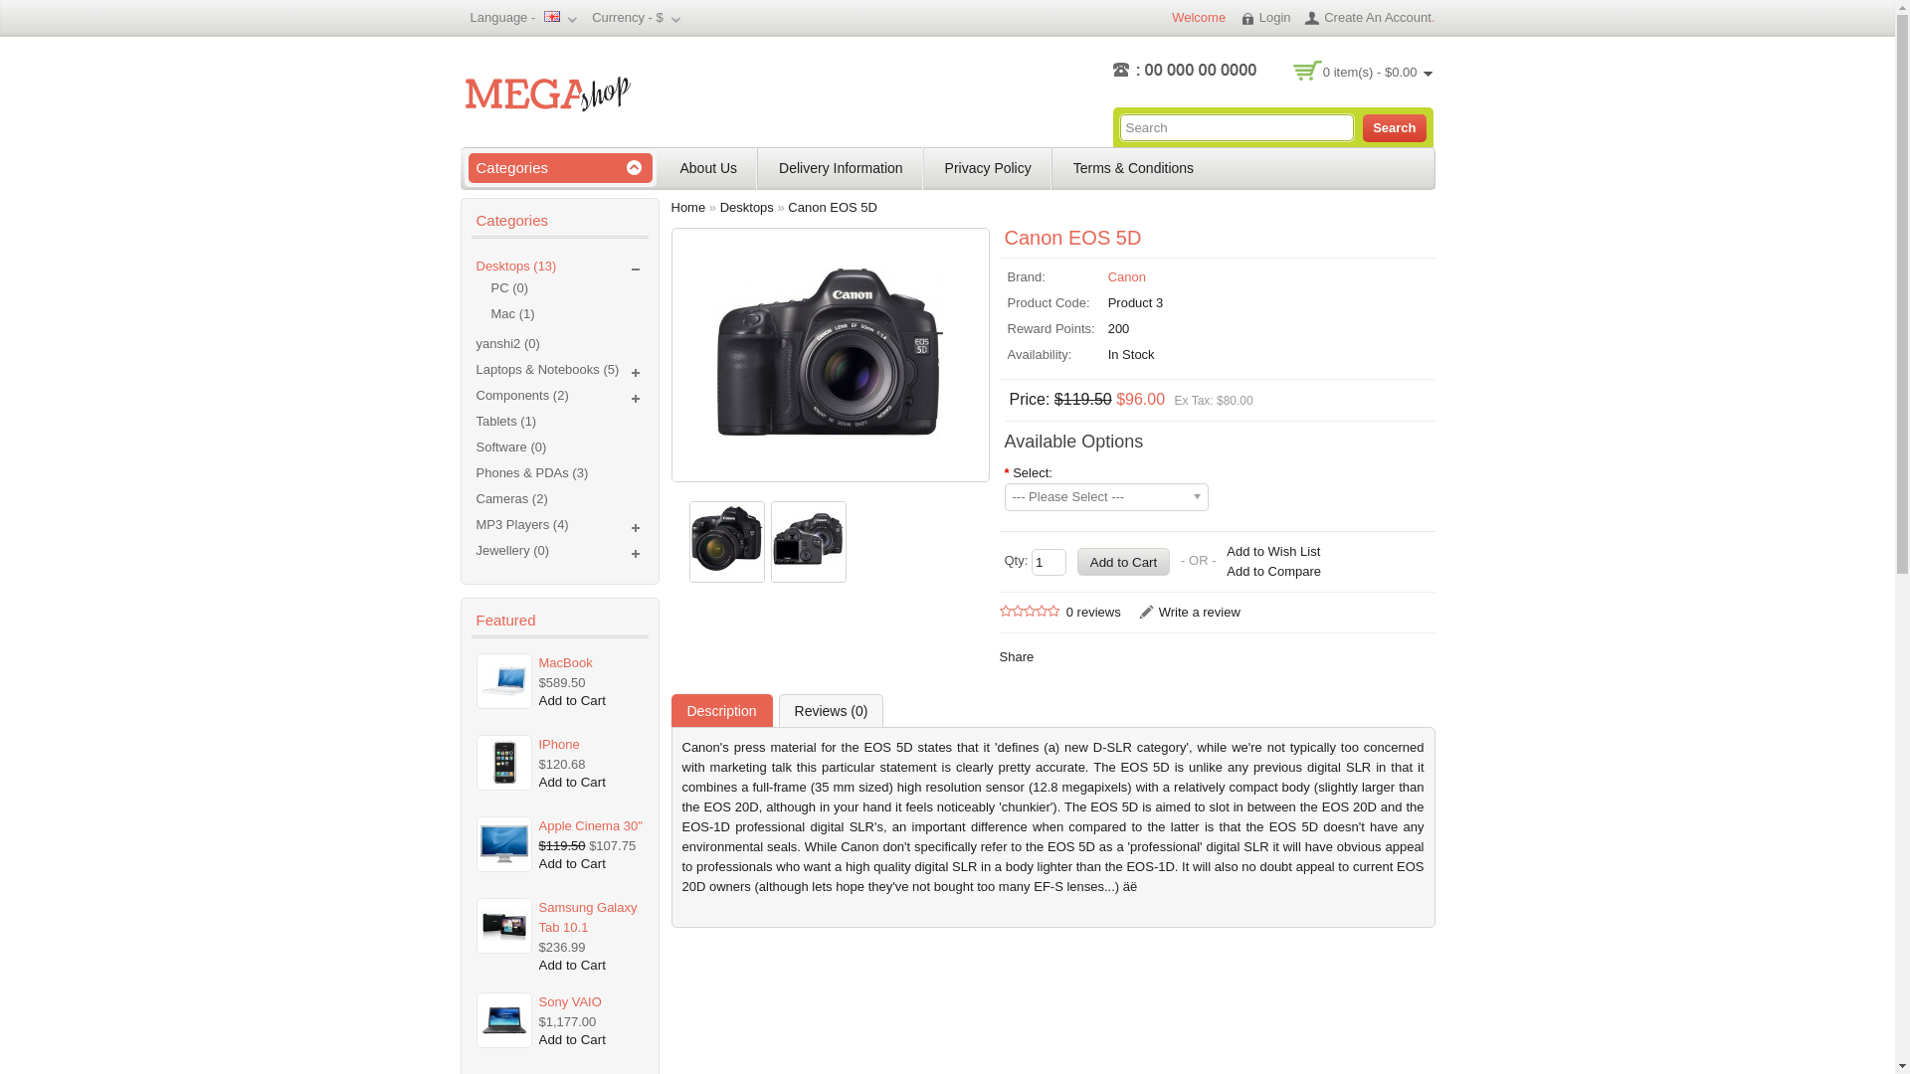 This screenshot has width=1910, height=1074. What do you see at coordinates (571, 699) in the screenshot?
I see `'Add to Cart'` at bounding box center [571, 699].